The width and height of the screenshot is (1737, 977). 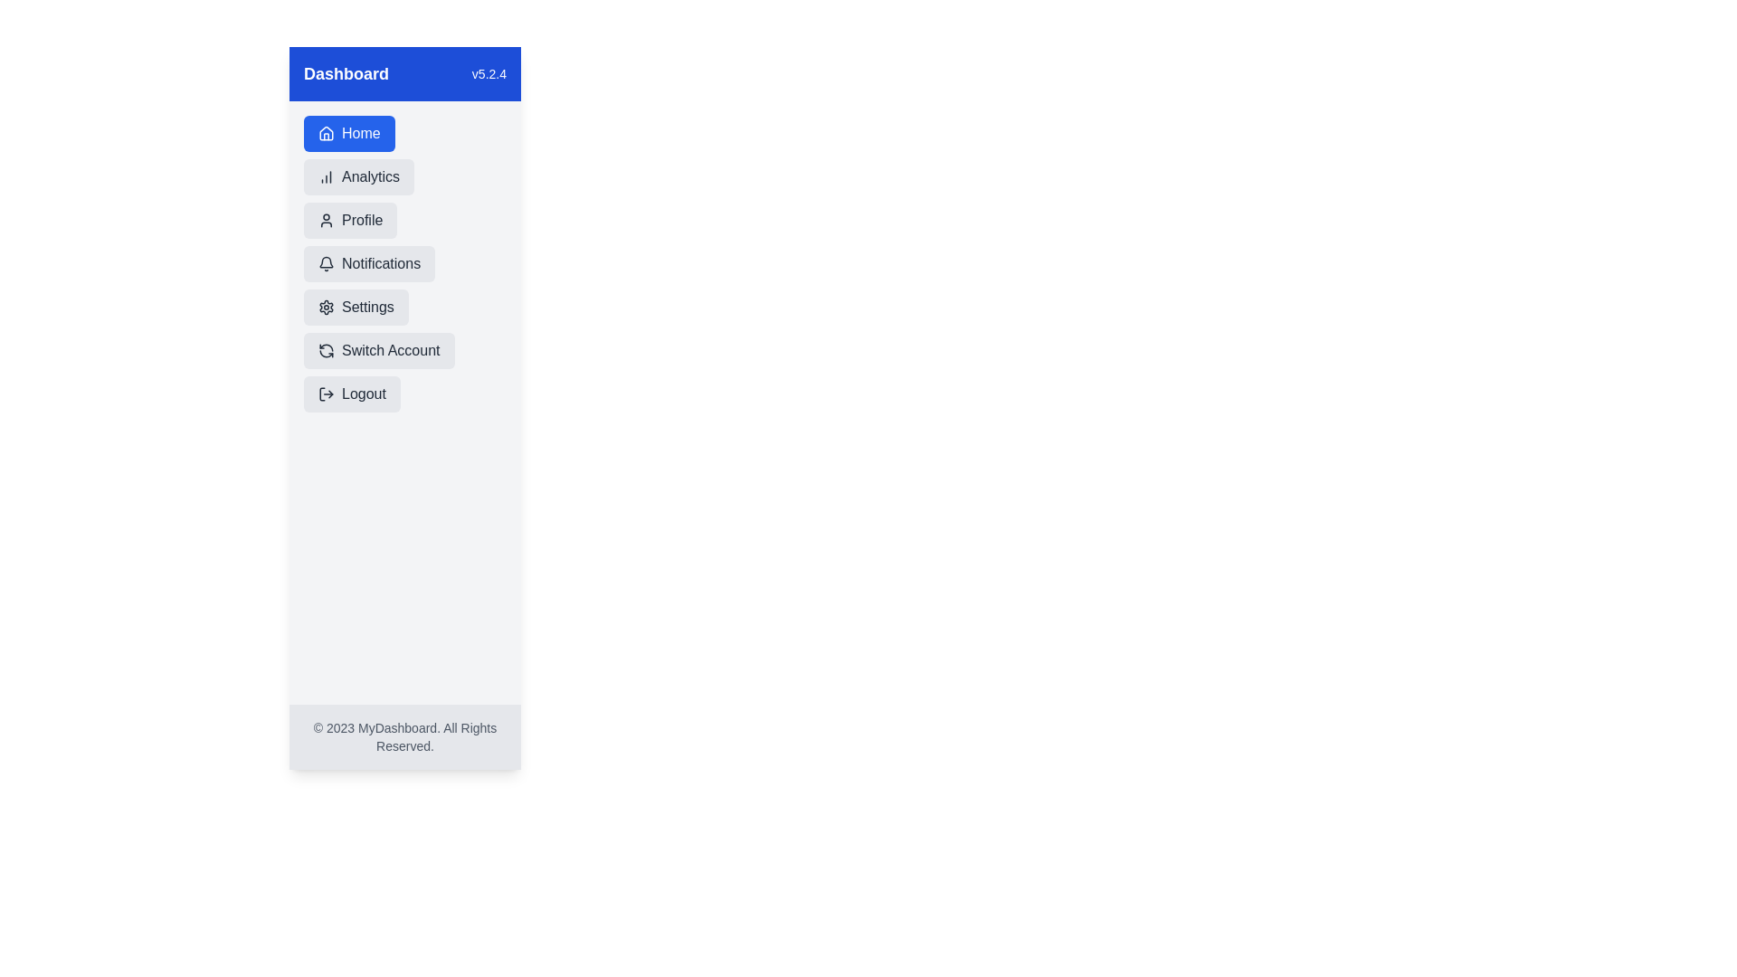 What do you see at coordinates (362, 219) in the screenshot?
I see `the 'Profile' text label located` at bounding box center [362, 219].